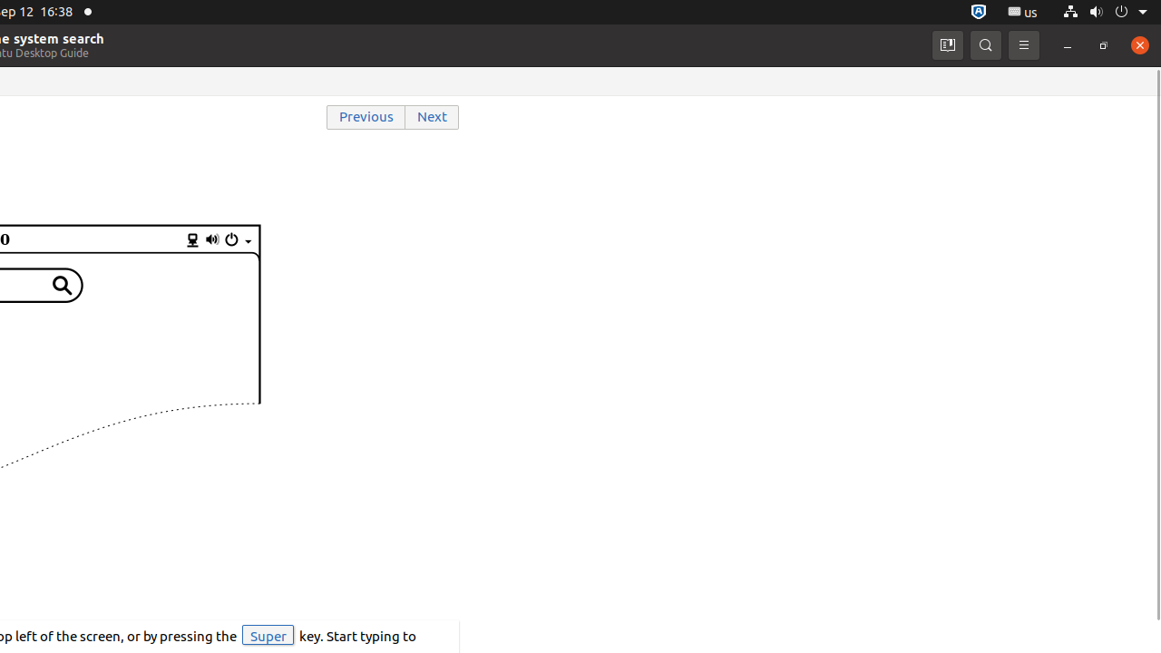 The width and height of the screenshot is (1161, 653). What do you see at coordinates (365, 117) in the screenshot?
I see `'Previous'` at bounding box center [365, 117].